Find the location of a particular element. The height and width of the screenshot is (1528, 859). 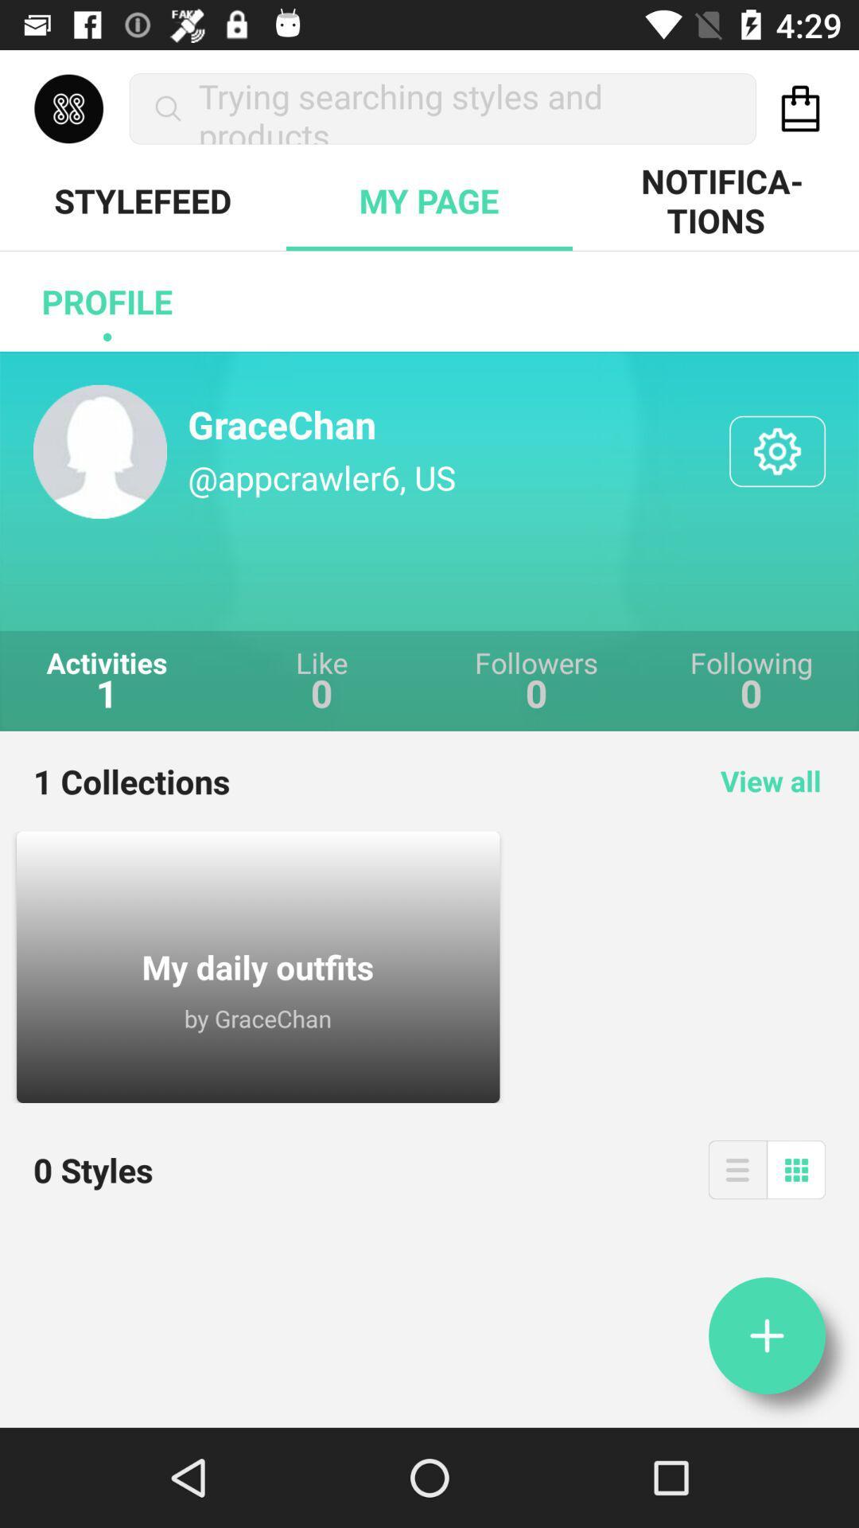

open settings is located at coordinates (776, 450).